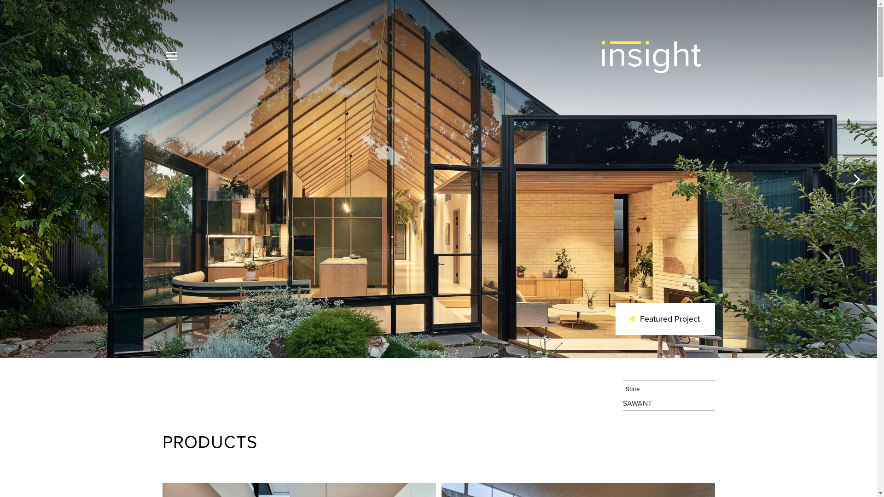 This screenshot has height=497, width=884. I want to click on 'NT', so click(647, 403).